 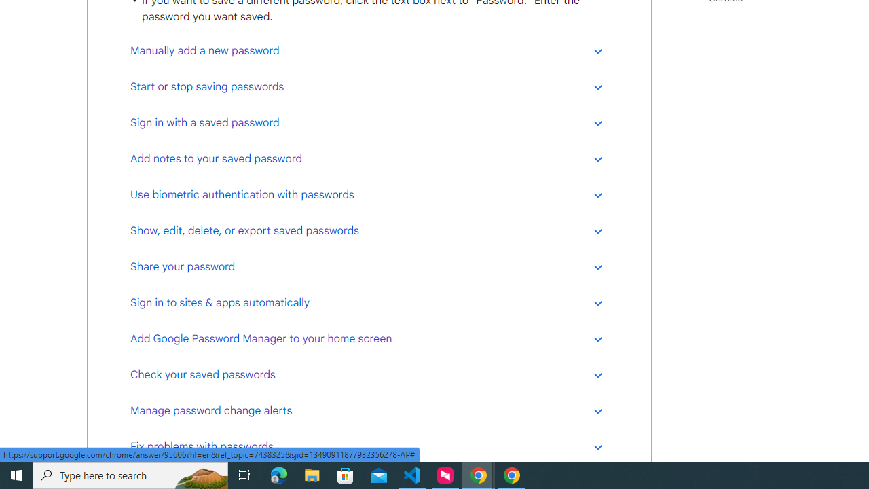 What do you see at coordinates (368, 50) in the screenshot?
I see `'Manually add a new password'` at bounding box center [368, 50].